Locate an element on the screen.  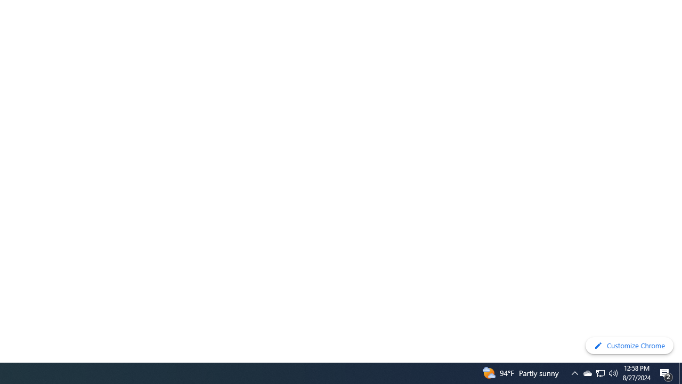
'Customize Chrome' is located at coordinates (629, 346).